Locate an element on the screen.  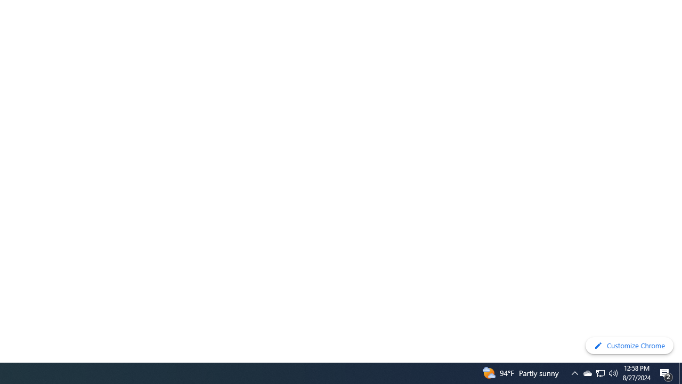
'Customize Chrome' is located at coordinates (629, 346).